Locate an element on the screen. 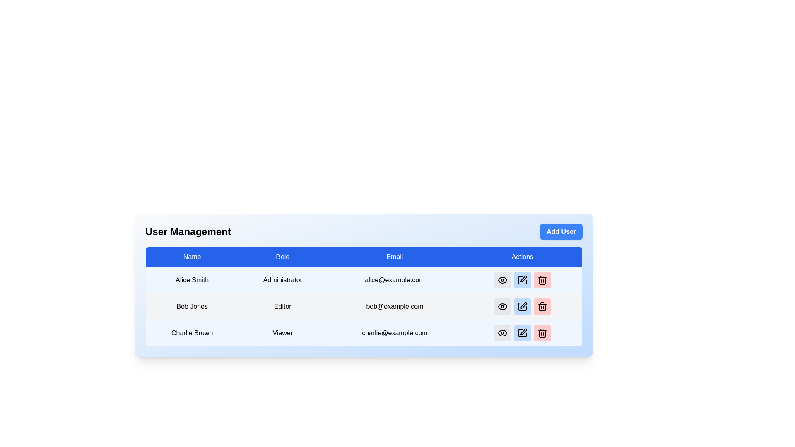 The width and height of the screenshot is (795, 447). the 'User Management' text label, which is a large, bold header above the user details table is located at coordinates (188, 231).